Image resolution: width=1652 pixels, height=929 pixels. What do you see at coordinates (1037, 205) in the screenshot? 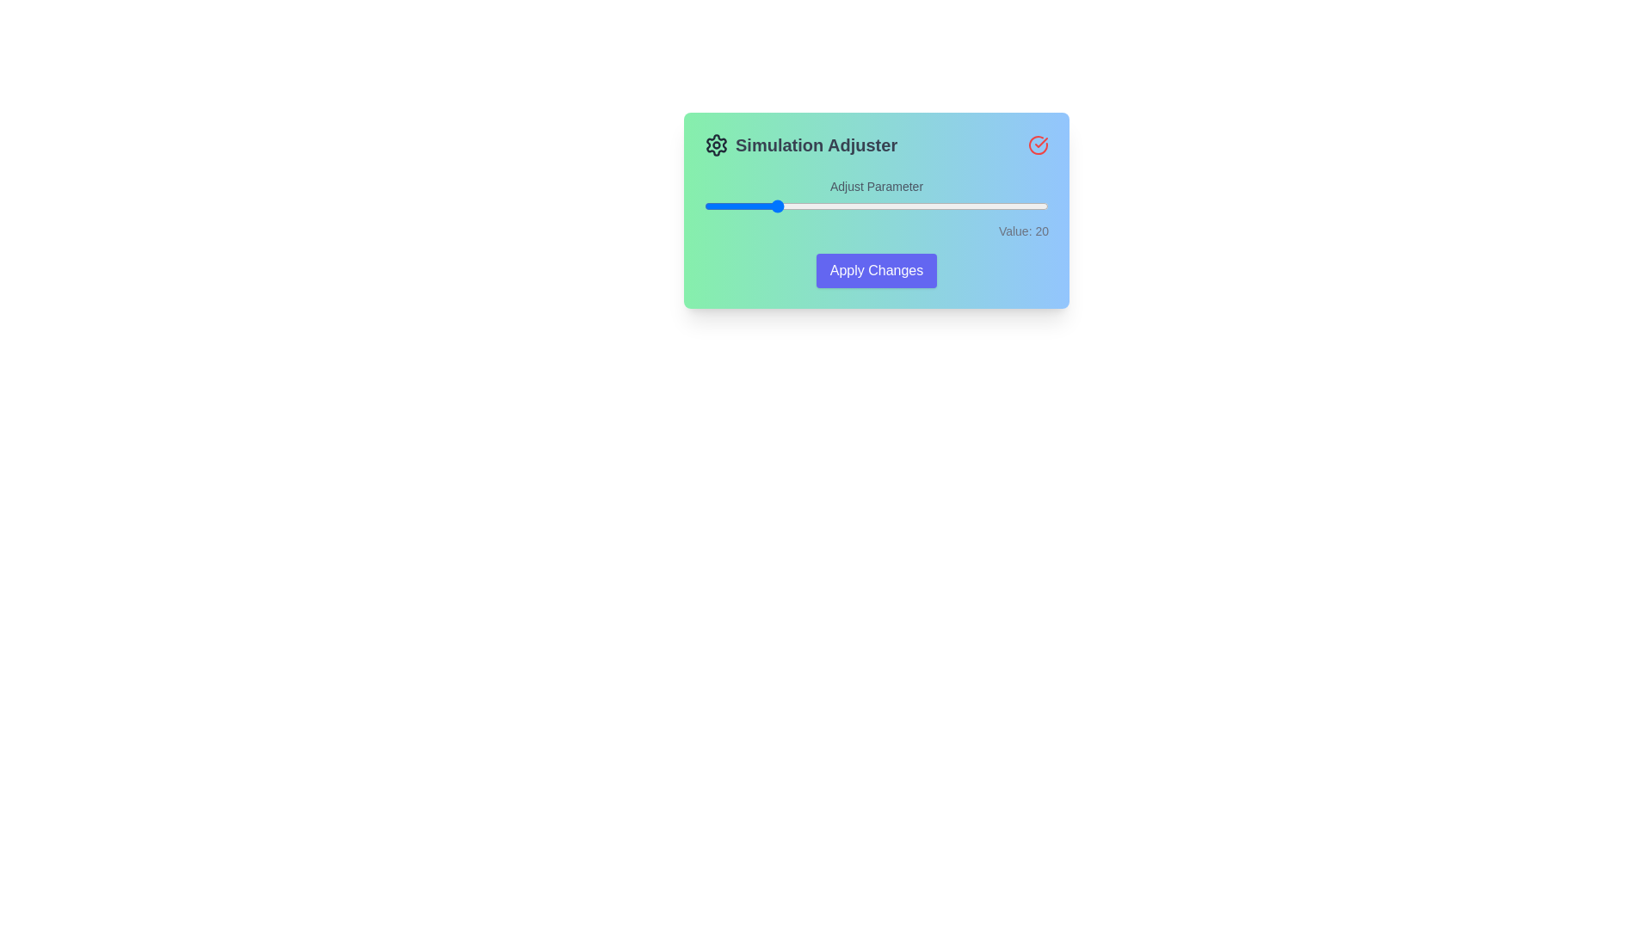
I see `the slider to set its value to 97` at bounding box center [1037, 205].